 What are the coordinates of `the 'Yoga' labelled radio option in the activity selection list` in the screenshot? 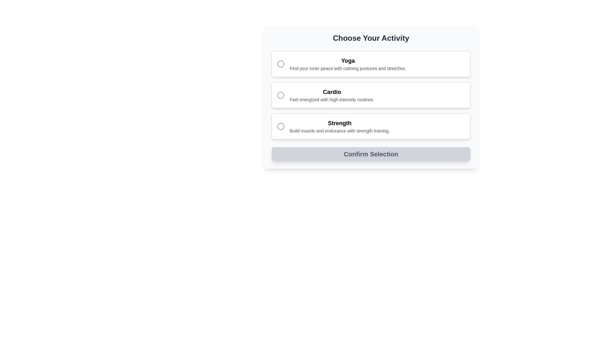 It's located at (341, 64).